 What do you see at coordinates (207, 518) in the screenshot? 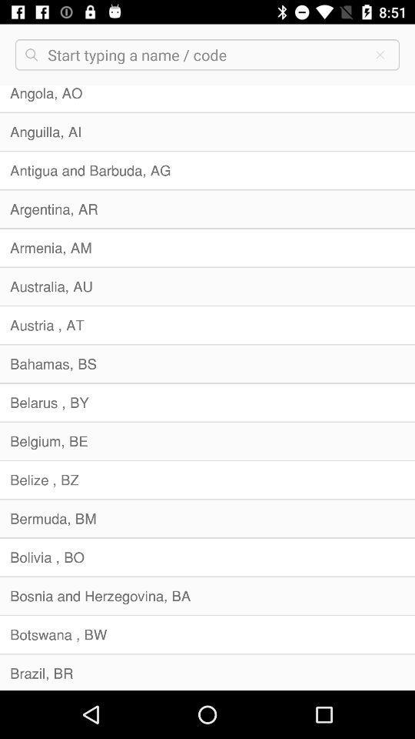
I see `the bermuda, bm icon` at bounding box center [207, 518].